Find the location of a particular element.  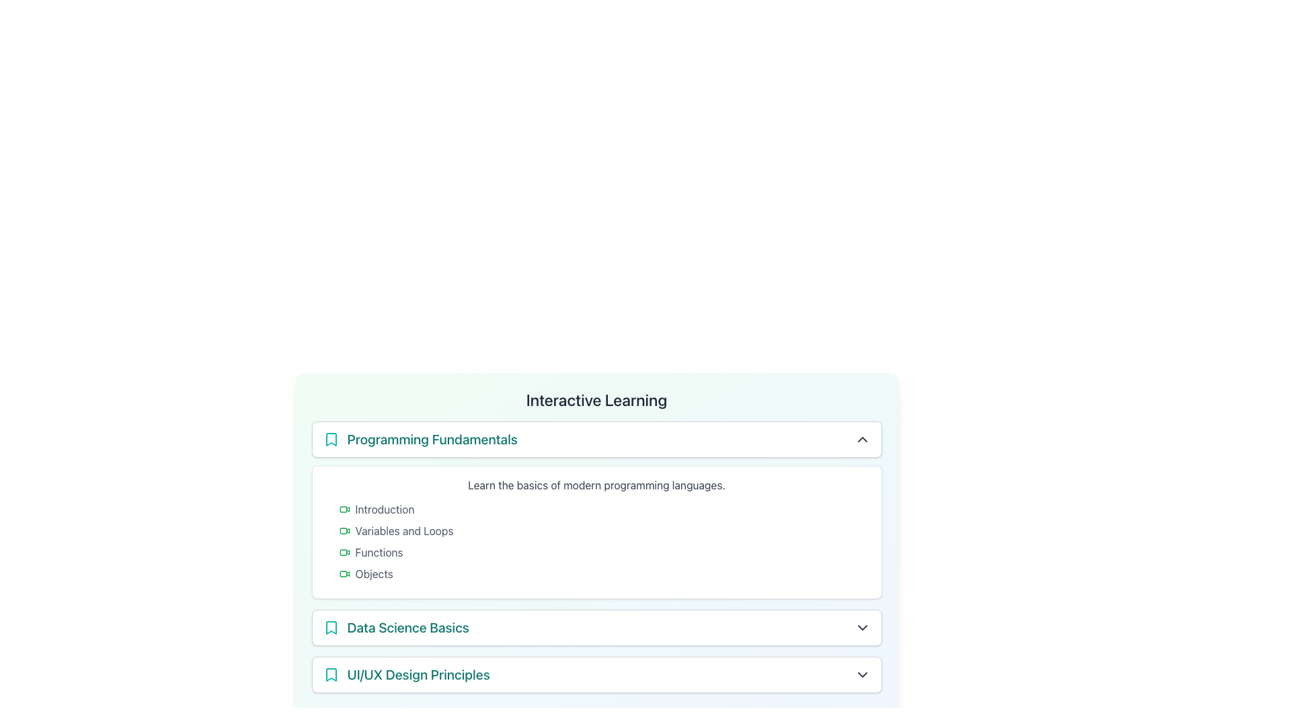

the collapse icon located at the top-right corner of the 'Programming Fundamentals' section header to hide its content is located at coordinates (862, 440).